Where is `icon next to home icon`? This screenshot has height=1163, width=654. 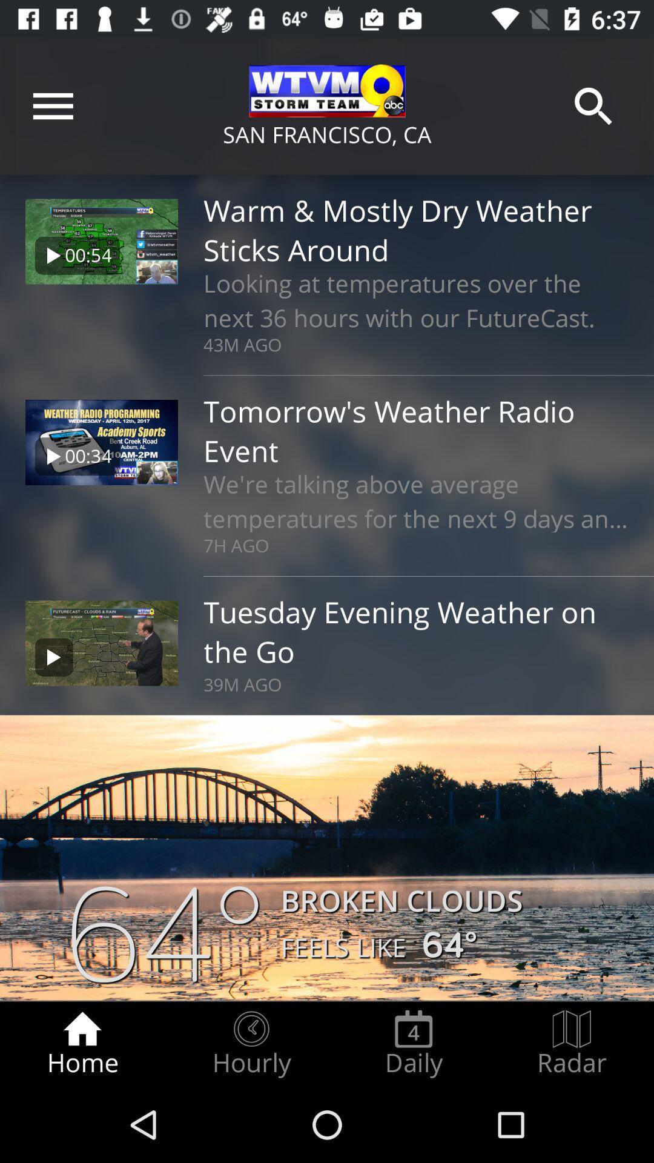
icon next to home icon is located at coordinates (251, 1043).